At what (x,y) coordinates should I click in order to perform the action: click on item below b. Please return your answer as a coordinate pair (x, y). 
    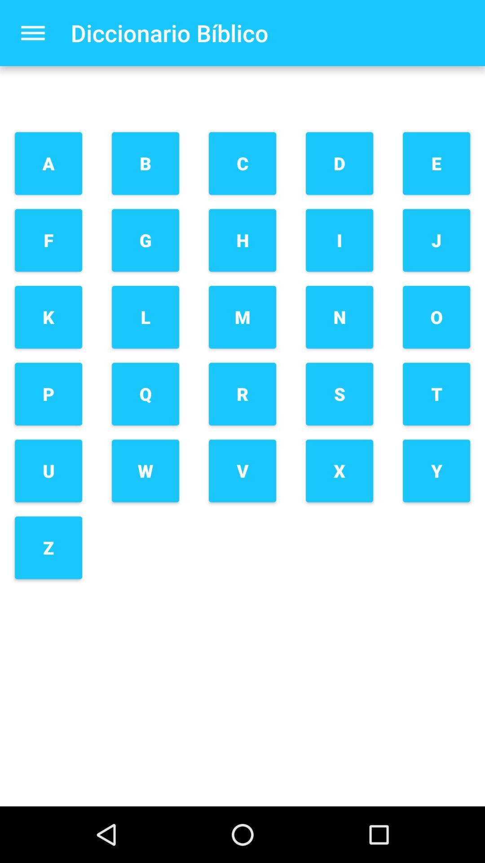
    Looking at the image, I should click on (145, 240).